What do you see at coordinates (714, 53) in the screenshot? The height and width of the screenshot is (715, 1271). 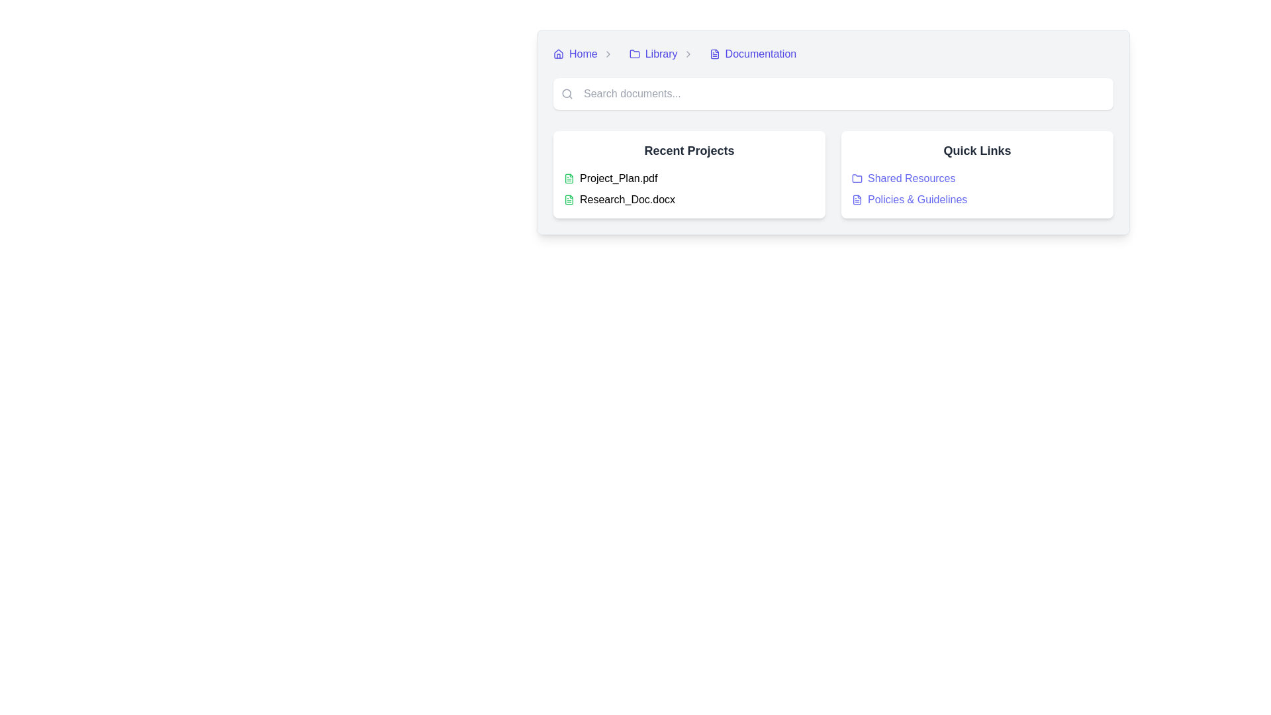 I see `the 'Documentation' icon located at the far-right within the navigation breadcrumb bar, adjacent to the 'Documentation' link` at bounding box center [714, 53].